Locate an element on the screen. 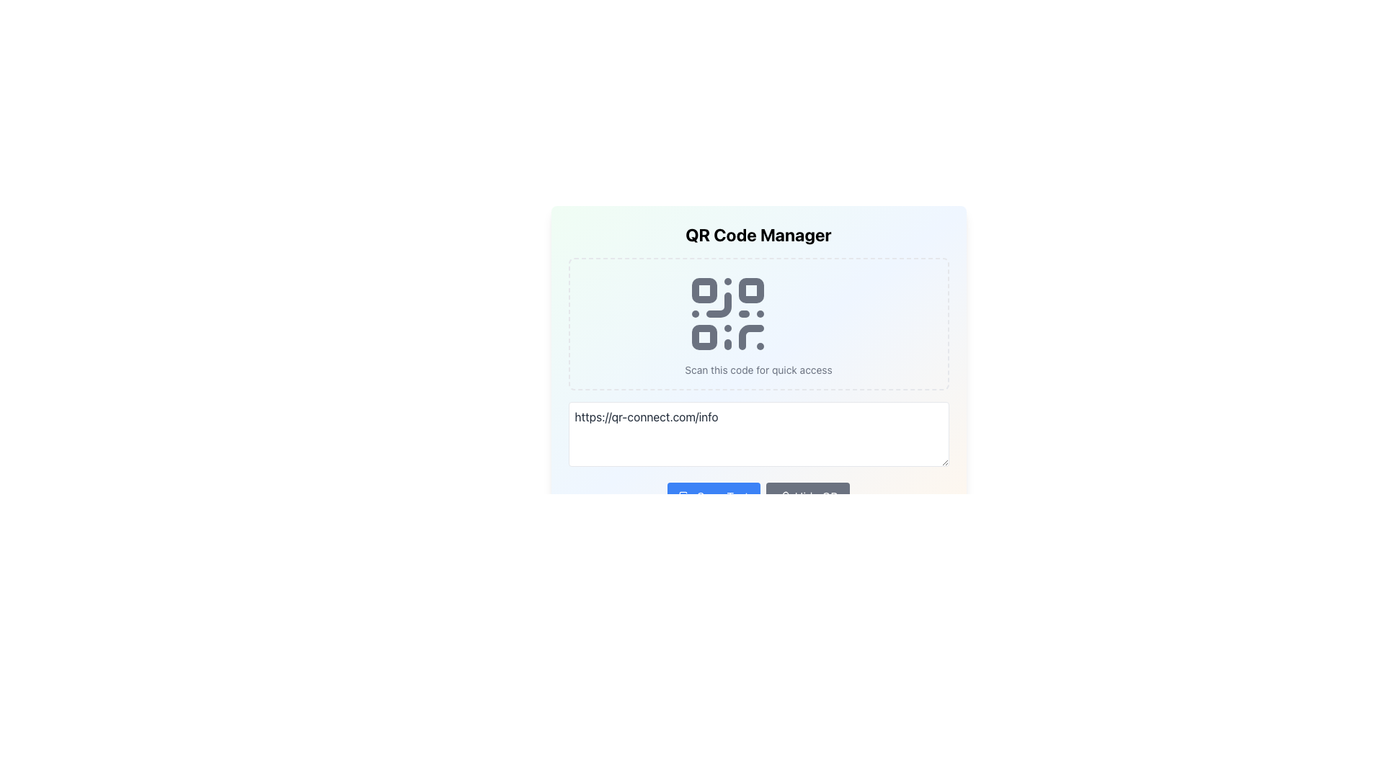  the 'Hide QR' button, which is a rectangular button with a gray background and rounded corners is located at coordinates (807, 496).